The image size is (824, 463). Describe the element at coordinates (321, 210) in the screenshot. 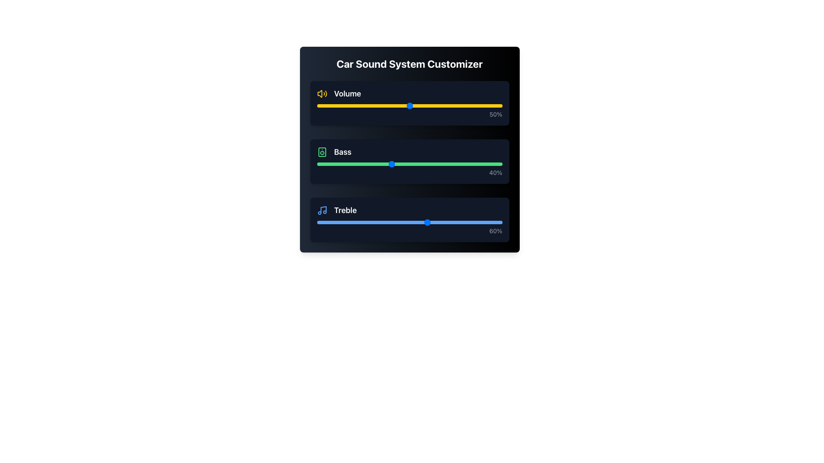

I see `the musical note icon styled with blue hues, located to the left of the 'Treble' label in the 'Car Sound System Customizer' UI` at that location.